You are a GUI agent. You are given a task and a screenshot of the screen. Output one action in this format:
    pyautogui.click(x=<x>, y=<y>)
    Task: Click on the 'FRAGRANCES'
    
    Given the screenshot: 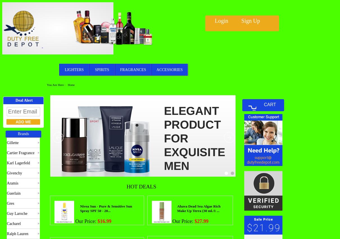 What is the action you would take?
    pyautogui.click(x=133, y=69)
    